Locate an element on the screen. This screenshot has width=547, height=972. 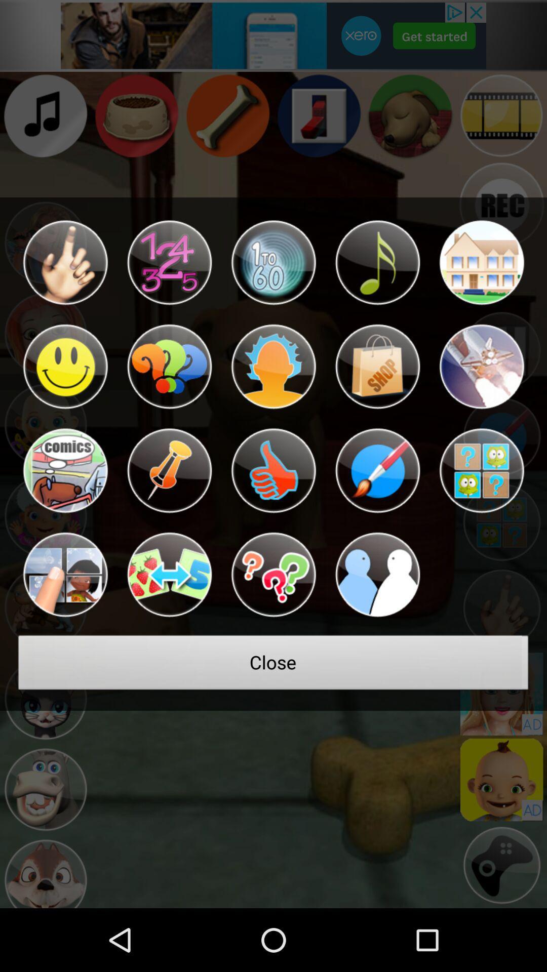
the swap icon is located at coordinates (169, 615).